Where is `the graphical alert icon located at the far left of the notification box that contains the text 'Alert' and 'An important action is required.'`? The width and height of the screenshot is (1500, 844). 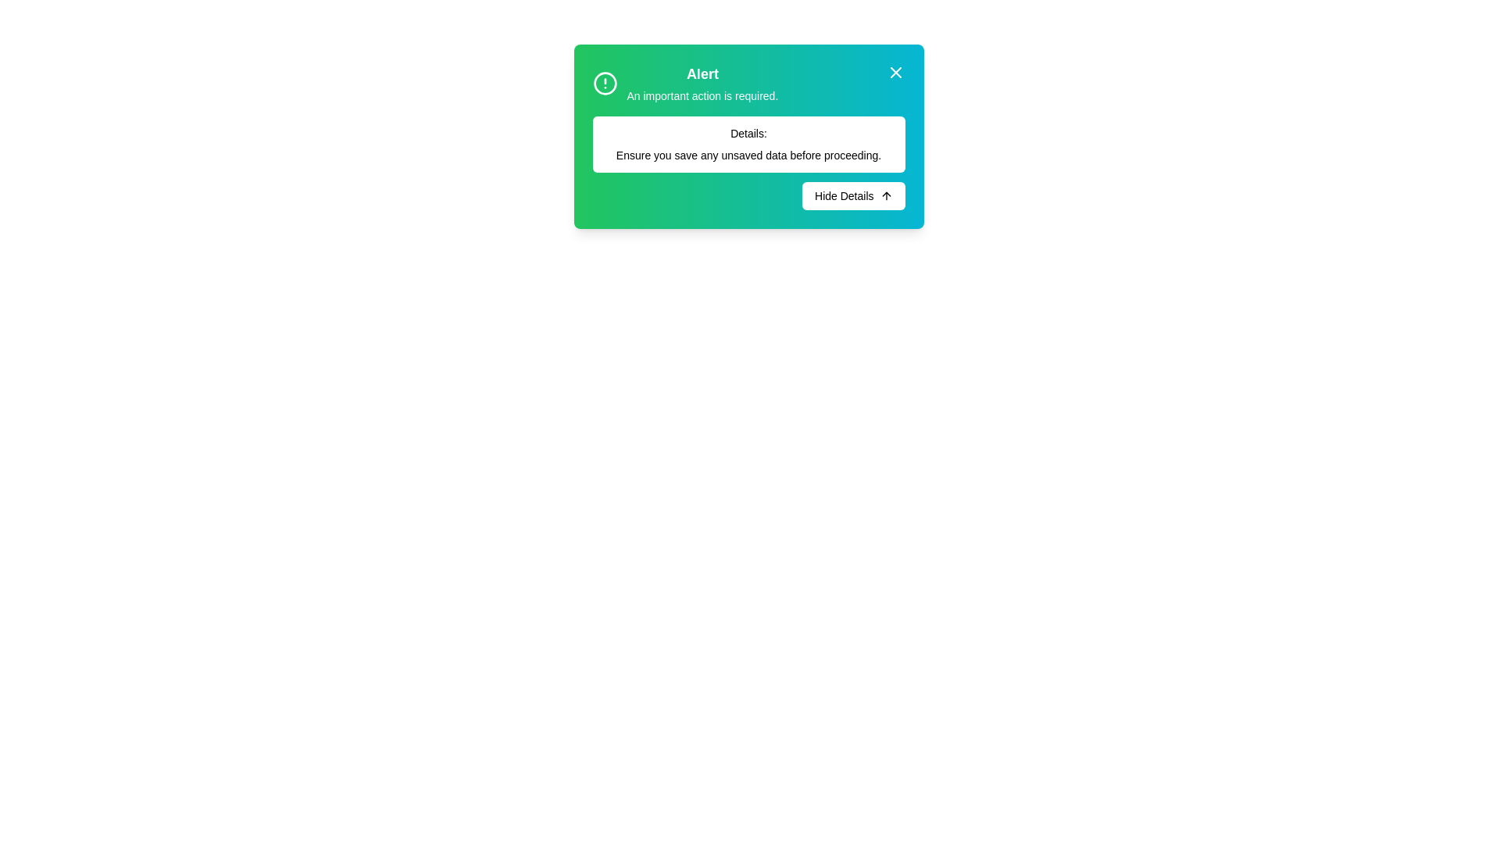 the graphical alert icon located at the far left of the notification box that contains the text 'Alert' and 'An important action is required.' is located at coordinates (604, 84).